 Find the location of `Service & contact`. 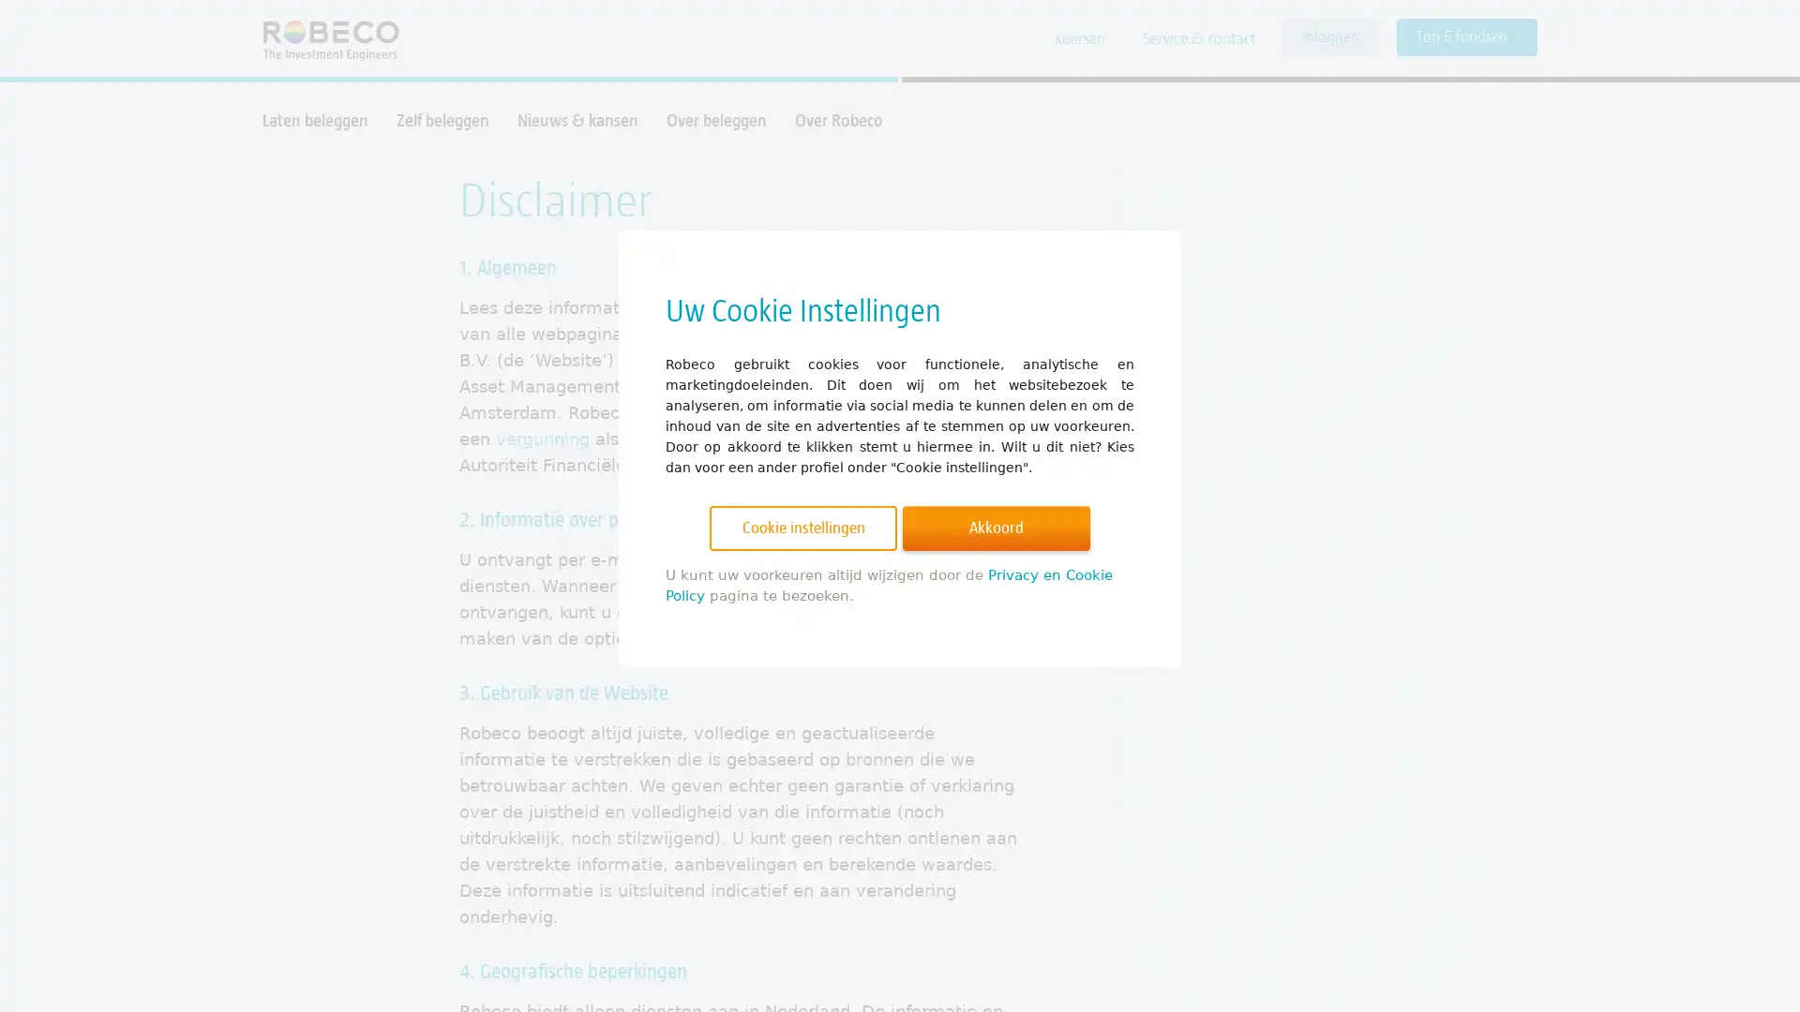

Service & contact is located at coordinates (1197, 39).